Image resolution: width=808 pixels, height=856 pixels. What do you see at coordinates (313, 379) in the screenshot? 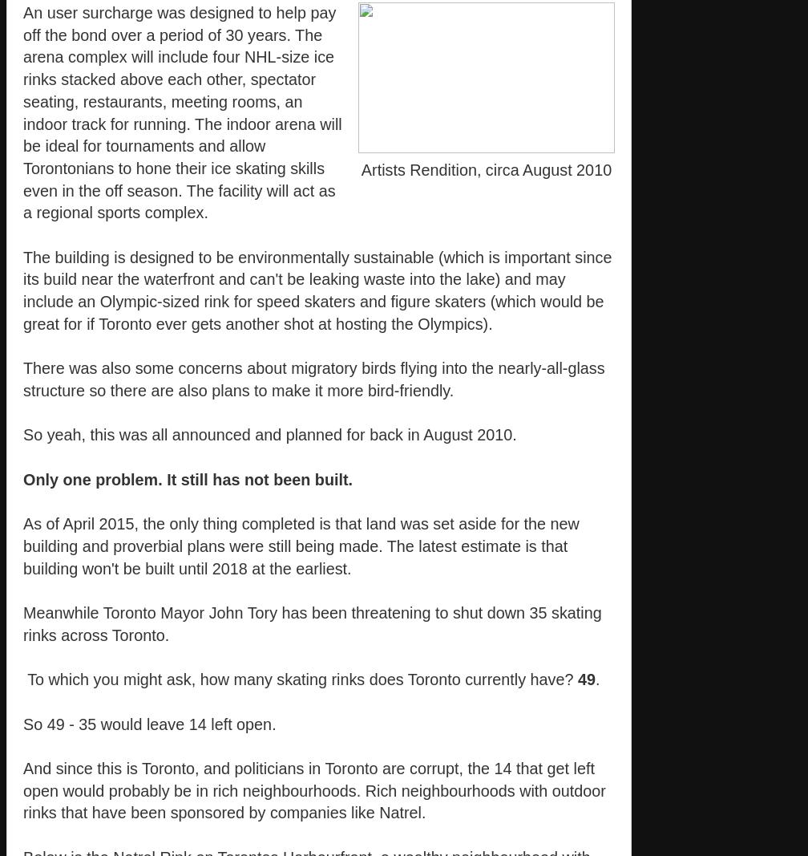
I see `'There was also some concerns  about migratory birds flying into the nearly-all-glass structure so there are  also plans to make it more bird-friendly.'` at bounding box center [313, 379].